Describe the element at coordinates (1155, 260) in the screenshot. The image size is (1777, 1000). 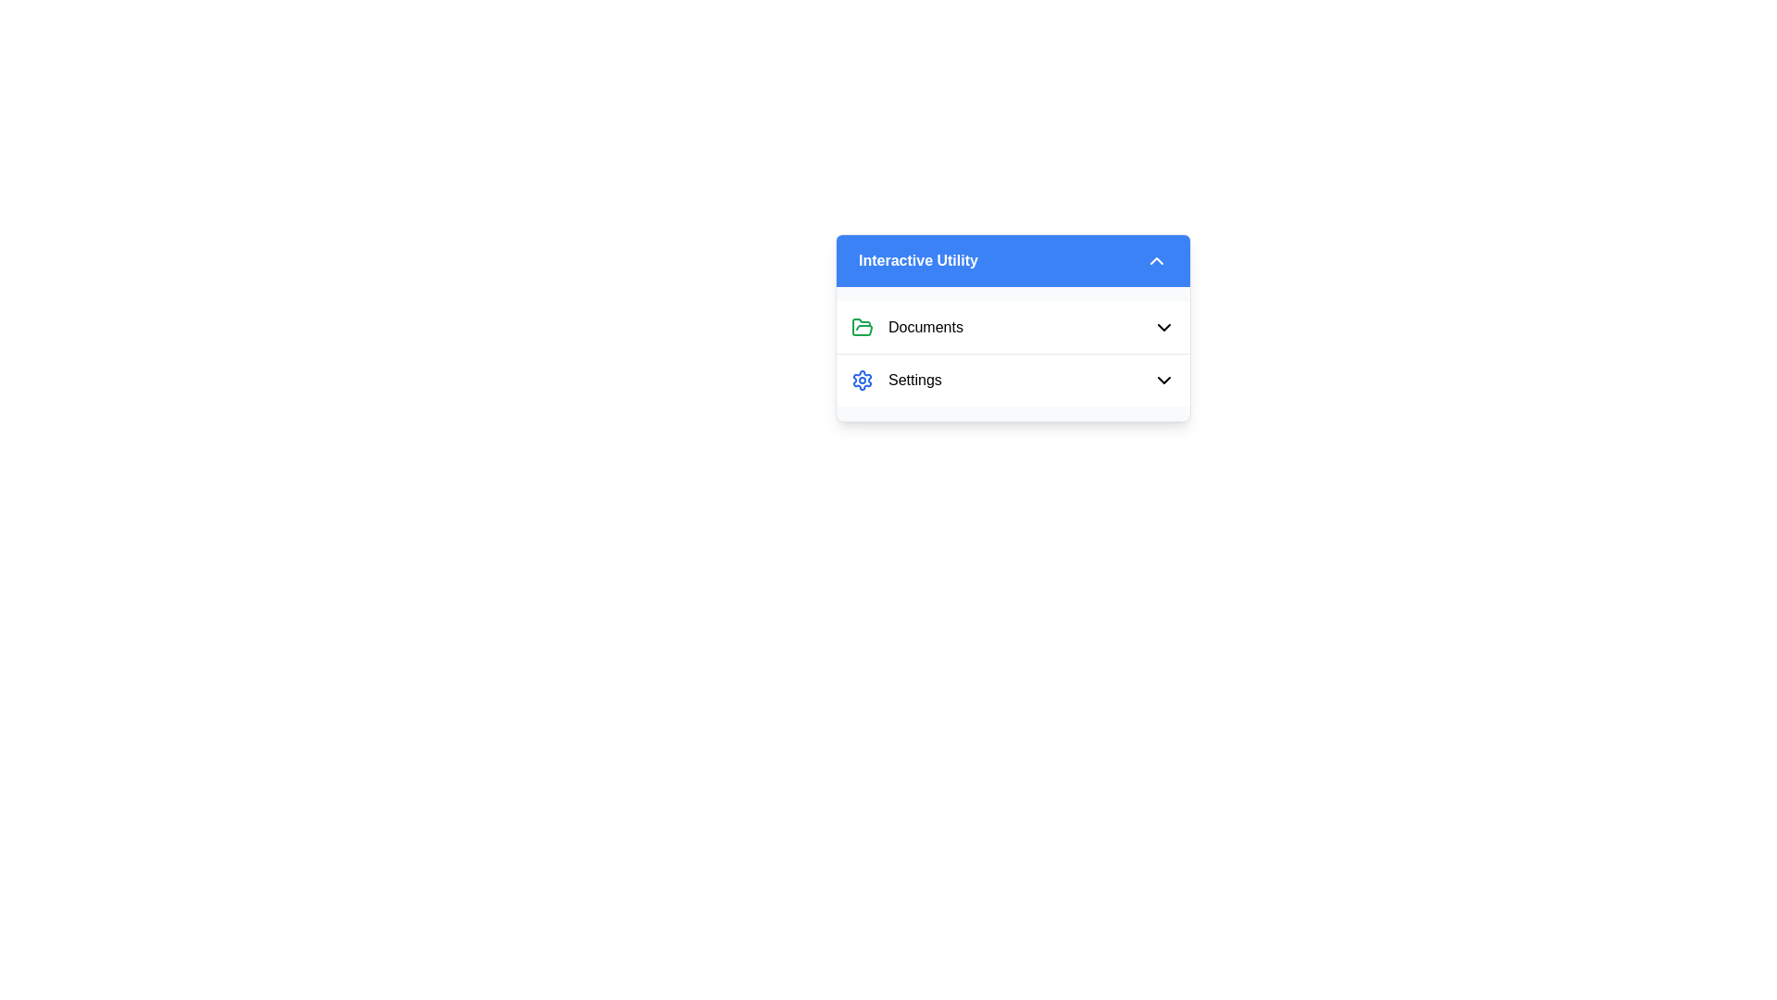
I see `the upward-pointing chevron arrow icon located in the blue header section labeled 'Interactive Utility'` at that location.